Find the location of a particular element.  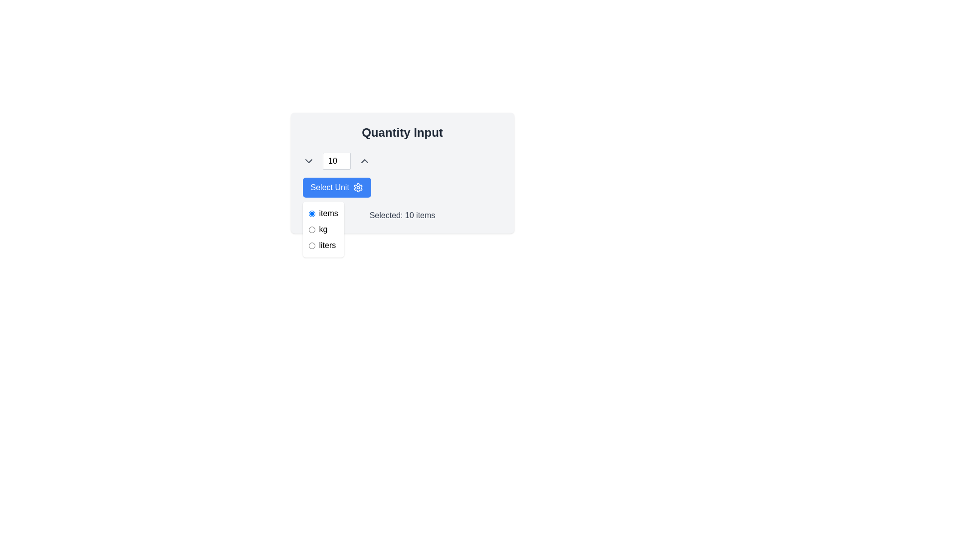

the blue button located below the numeric input field for quantity adjustment and above the dropdown menu is located at coordinates (337, 187).